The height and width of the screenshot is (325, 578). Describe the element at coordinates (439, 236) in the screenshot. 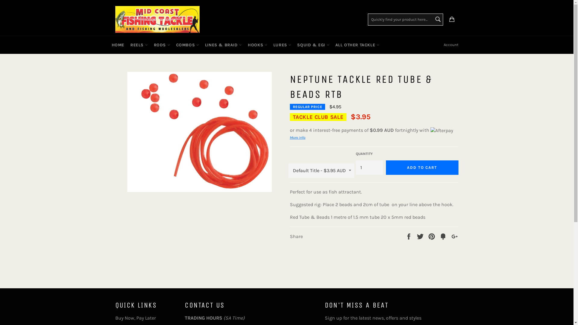

I see `'Fancy'` at that location.